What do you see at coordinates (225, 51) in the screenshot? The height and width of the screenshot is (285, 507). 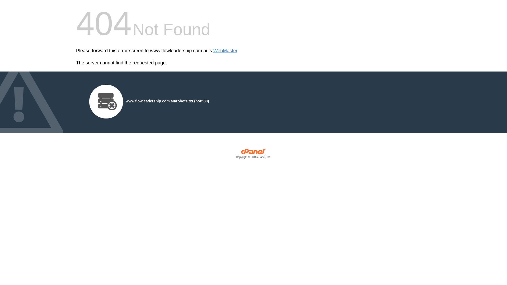 I see `'WebMaster'` at bounding box center [225, 51].